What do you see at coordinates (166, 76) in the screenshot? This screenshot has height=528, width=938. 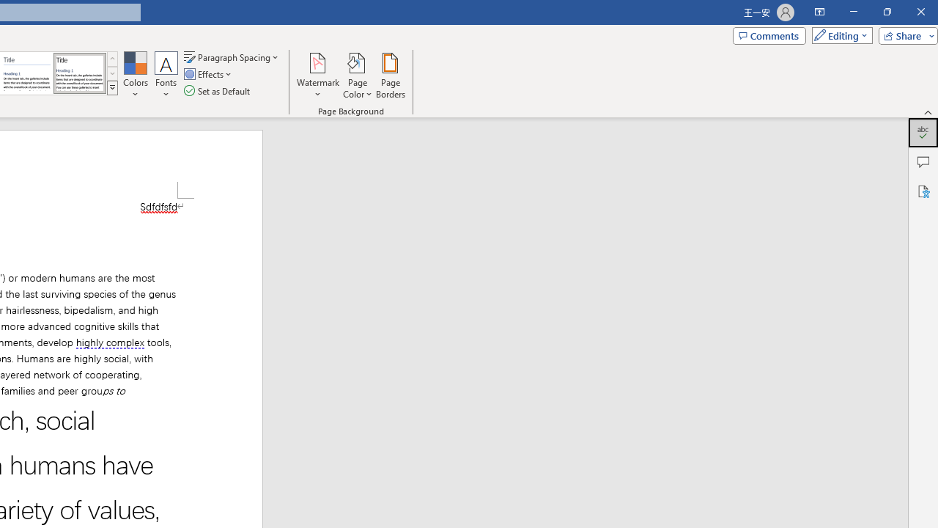 I see `'Fonts'` at bounding box center [166, 76].